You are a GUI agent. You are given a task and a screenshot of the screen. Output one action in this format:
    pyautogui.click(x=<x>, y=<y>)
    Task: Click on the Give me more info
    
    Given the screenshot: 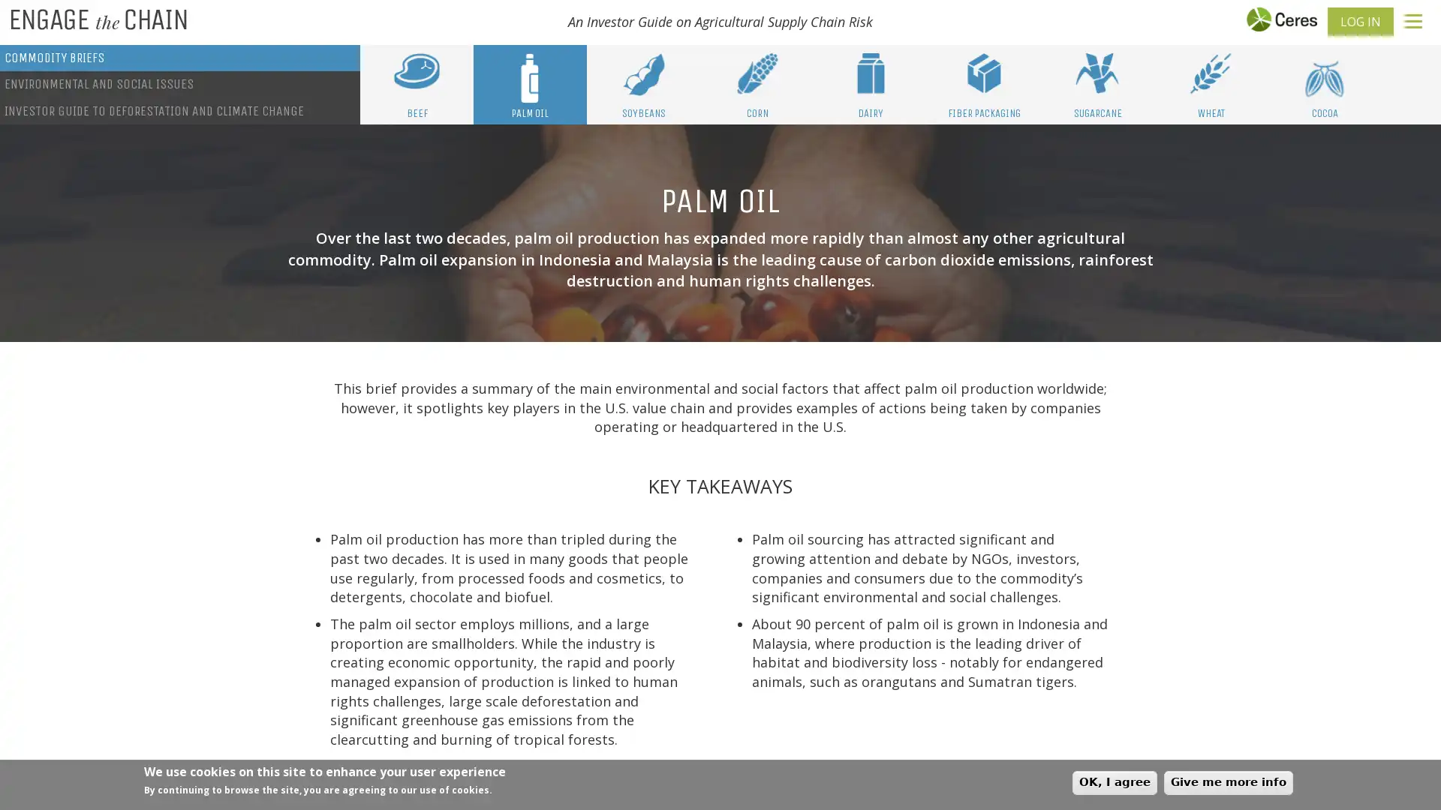 What is the action you would take?
    pyautogui.click(x=1228, y=781)
    